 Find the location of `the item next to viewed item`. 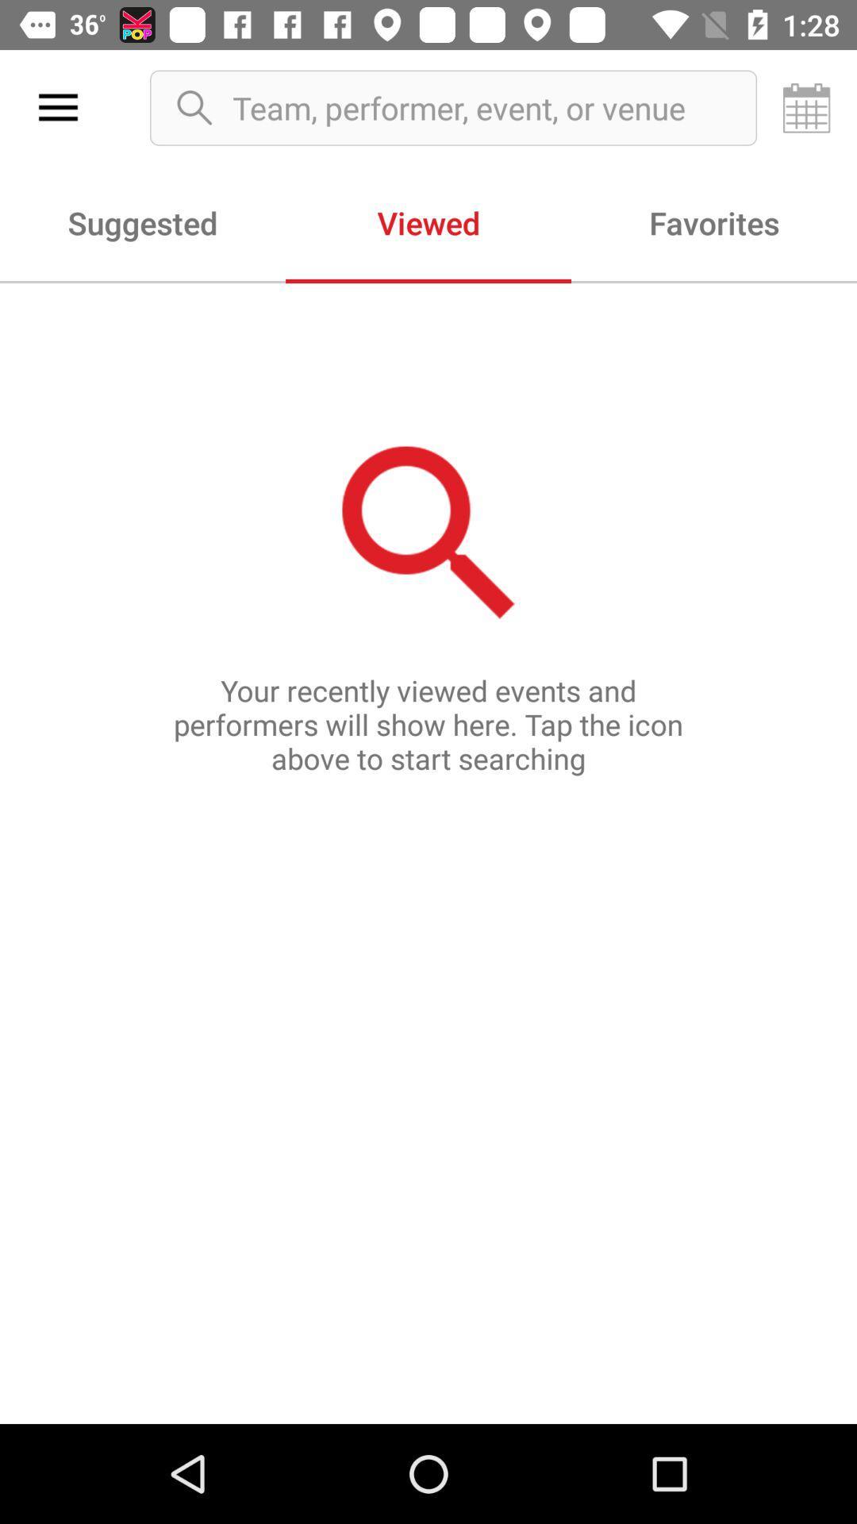

the item next to viewed item is located at coordinates (143, 221).